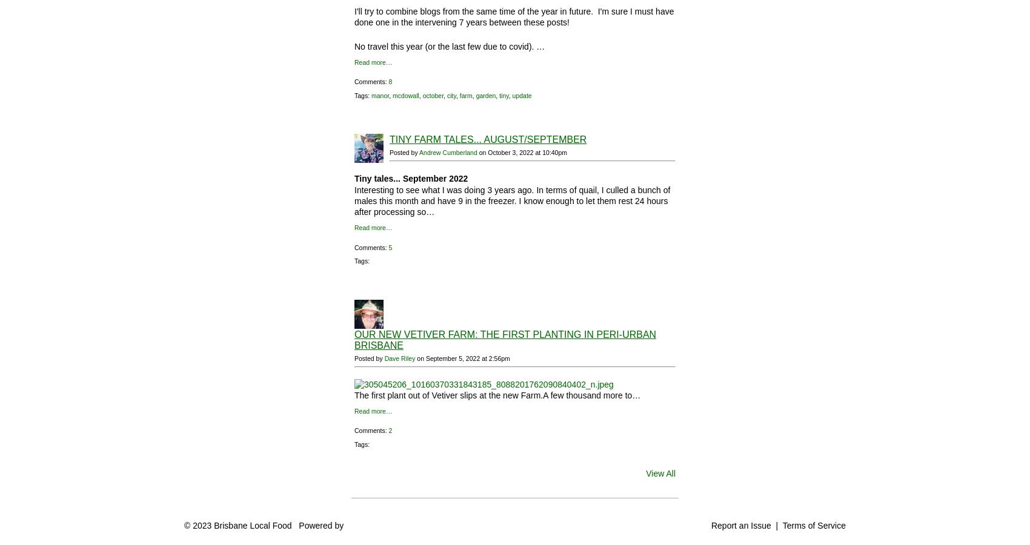  Describe the element at coordinates (646, 473) in the screenshot. I see `'View All'` at that location.